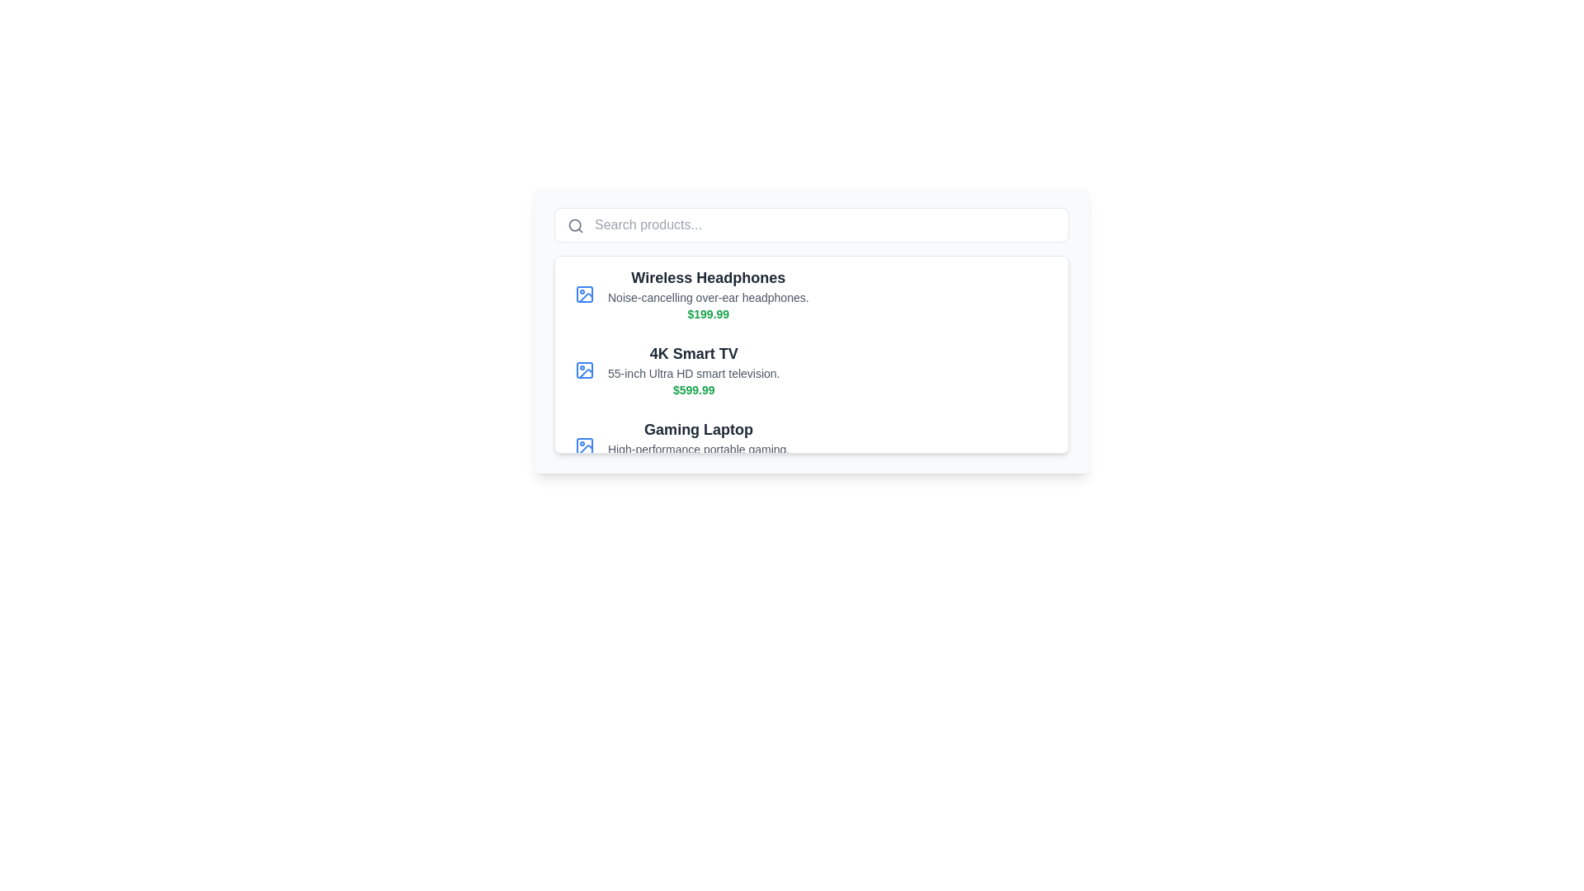 Image resolution: width=1584 pixels, height=891 pixels. Describe the element at coordinates (575, 225) in the screenshot. I see `the circular component of the magnifying glass icon in the search bar located in the top-left part of the user interface` at that location.